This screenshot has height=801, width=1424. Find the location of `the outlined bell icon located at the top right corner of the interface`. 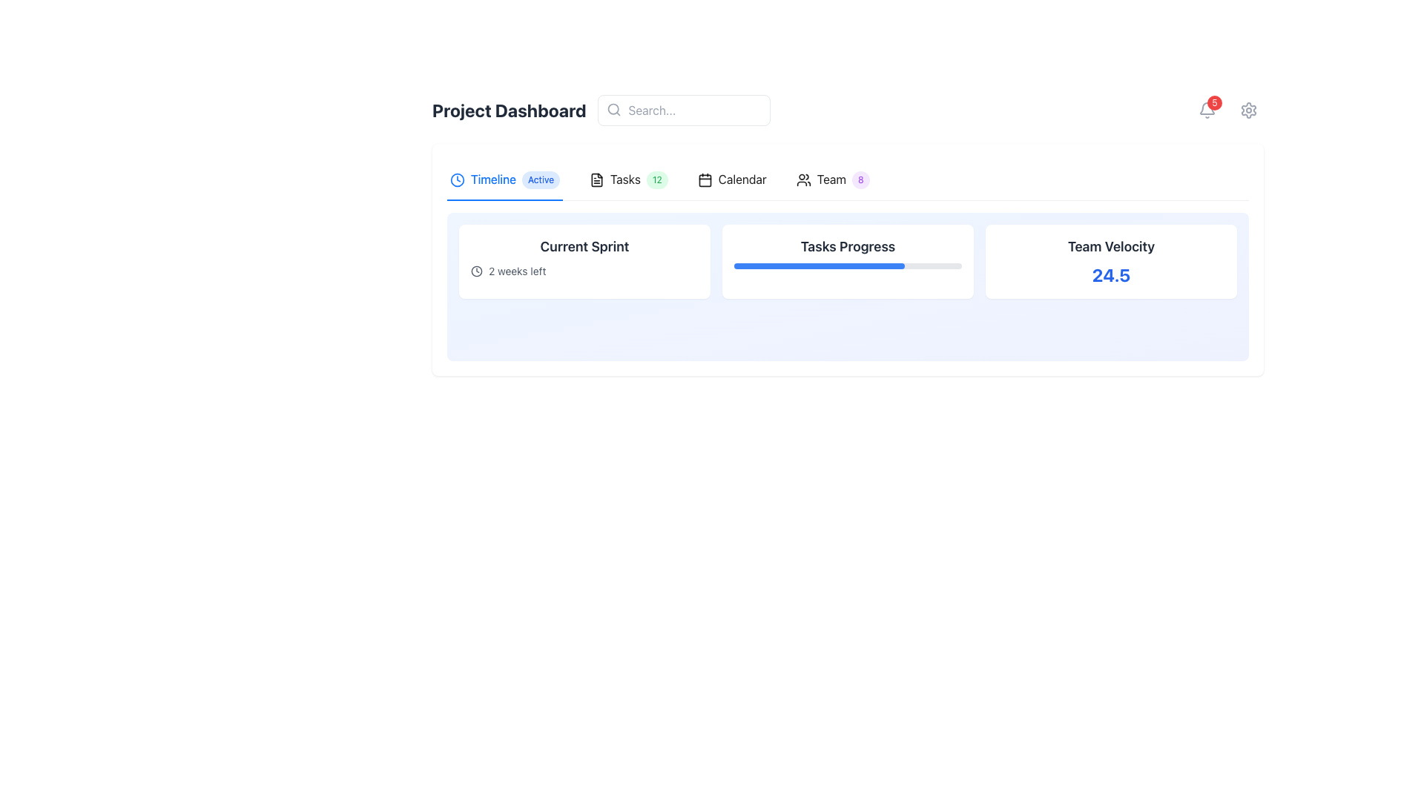

the outlined bell icon located at the top right corner of the interface is located at coordinates (1207, 110).